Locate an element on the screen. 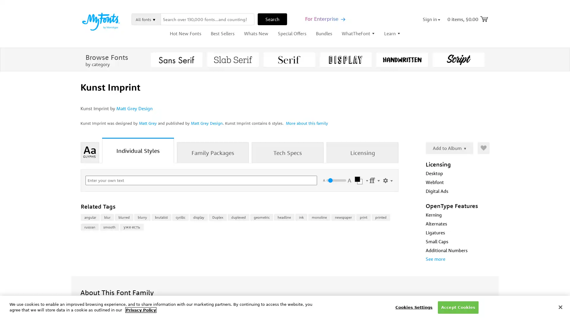  Close is located at coordinates (560, 307).